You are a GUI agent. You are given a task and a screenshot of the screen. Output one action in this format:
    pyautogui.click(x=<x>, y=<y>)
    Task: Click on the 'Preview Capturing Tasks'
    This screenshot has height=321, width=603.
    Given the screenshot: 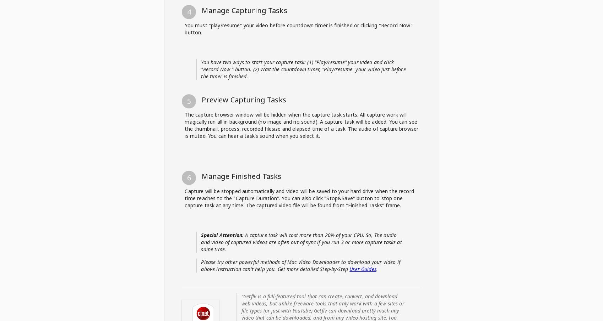 What is the action you would take?
    pyautogui.click(x=244, y=303)
    